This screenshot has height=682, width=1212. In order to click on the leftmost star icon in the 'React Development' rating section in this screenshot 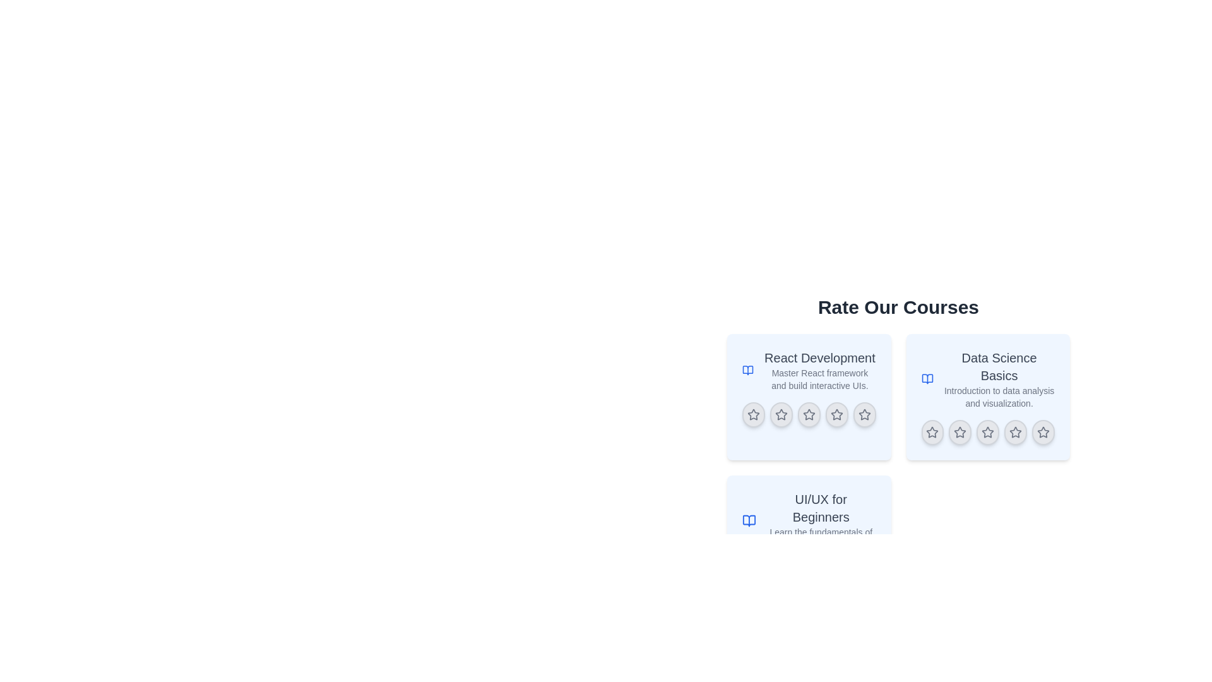, I will do `click(753, 414)`.